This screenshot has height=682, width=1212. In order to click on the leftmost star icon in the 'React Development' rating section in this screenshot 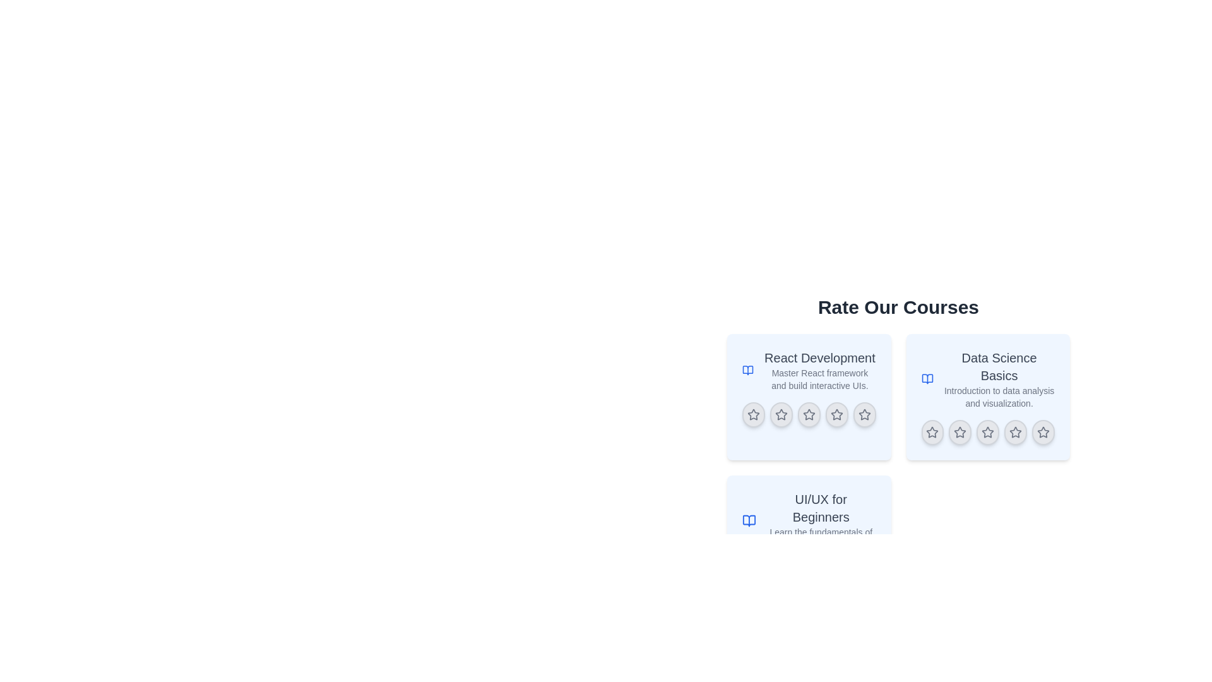, I will do `click(753, 414)`.